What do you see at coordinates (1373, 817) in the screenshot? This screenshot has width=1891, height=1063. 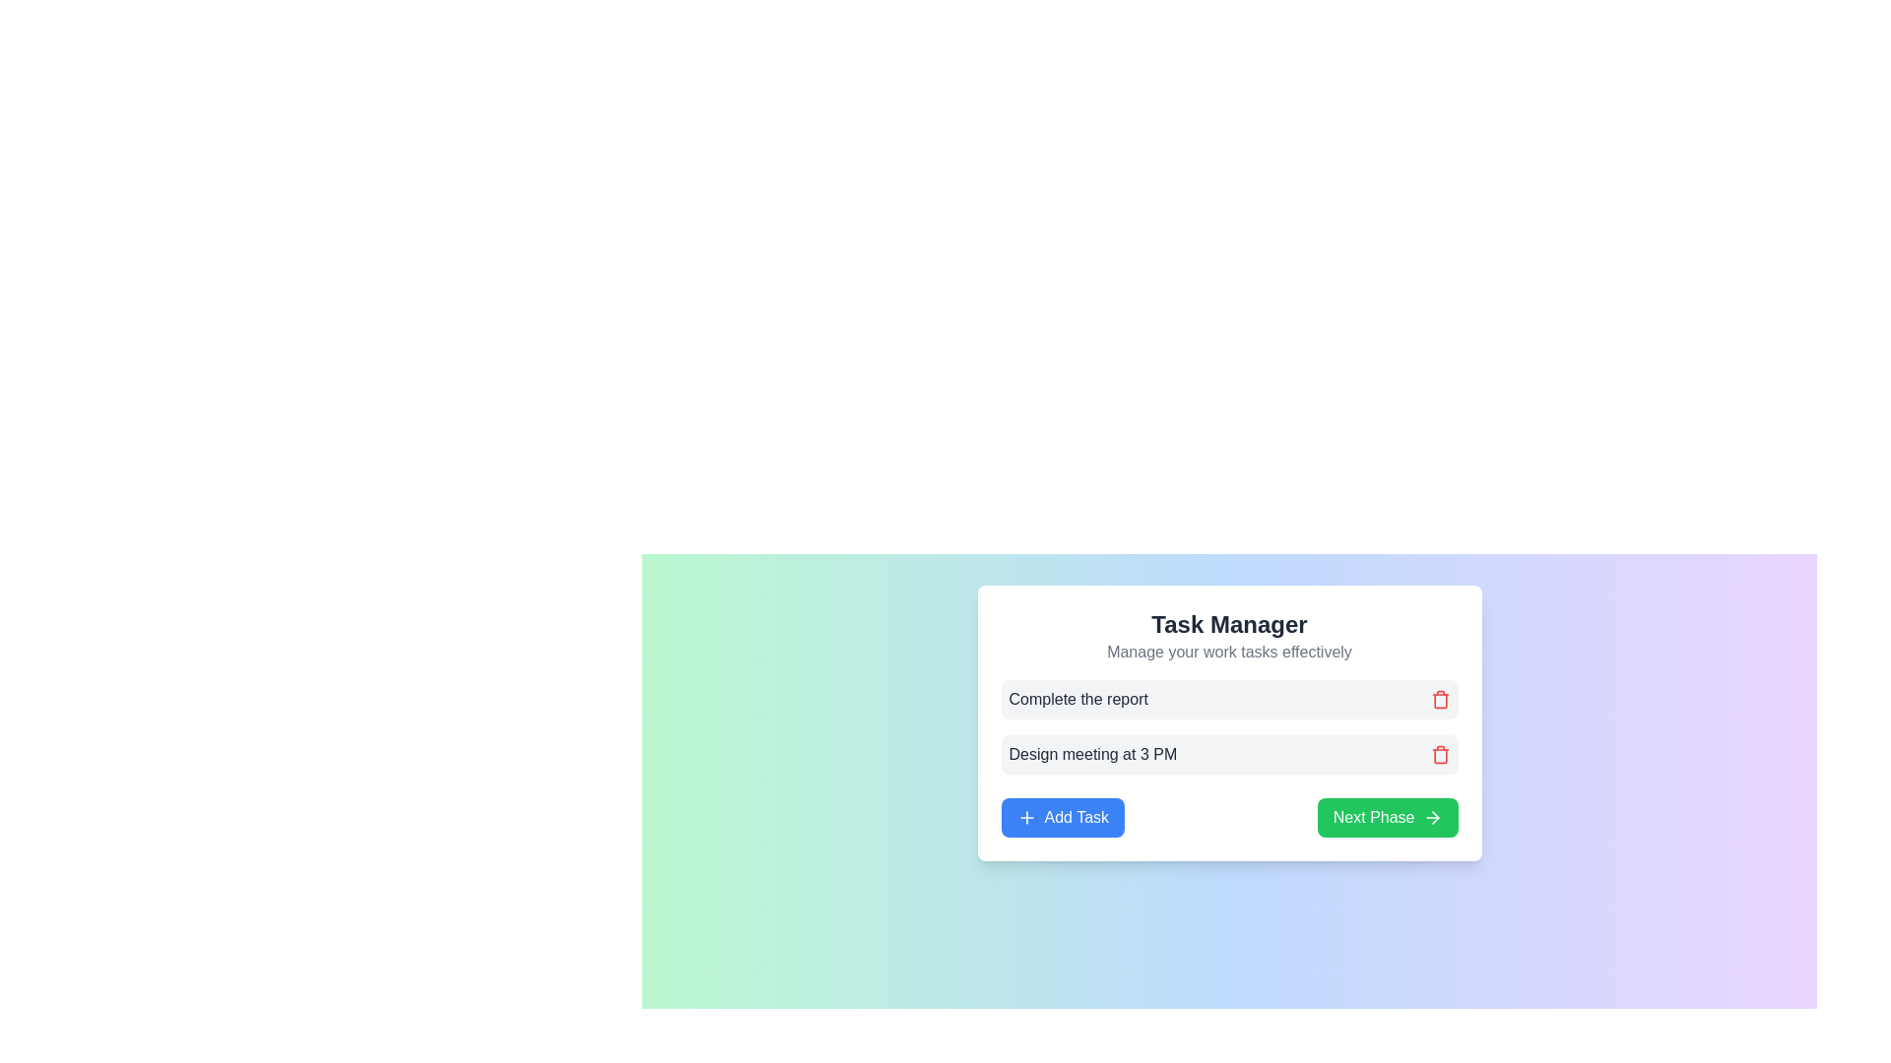 I see `displayed text of the Text label indicating the action of moving to the next phase, which is centrally located within the green button labeled 'Next Phase'` at bounding box center [1373, 817].